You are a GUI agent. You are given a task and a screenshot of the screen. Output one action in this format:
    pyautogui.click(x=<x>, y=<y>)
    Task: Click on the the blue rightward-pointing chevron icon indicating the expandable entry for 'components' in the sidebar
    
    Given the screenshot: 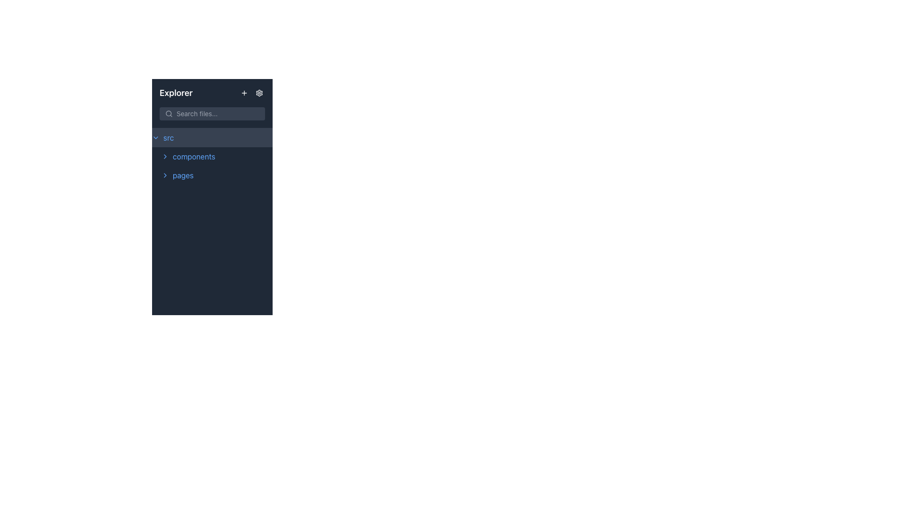 What is the action you would take?
    pyautogui.click(x=165, y=156)
    